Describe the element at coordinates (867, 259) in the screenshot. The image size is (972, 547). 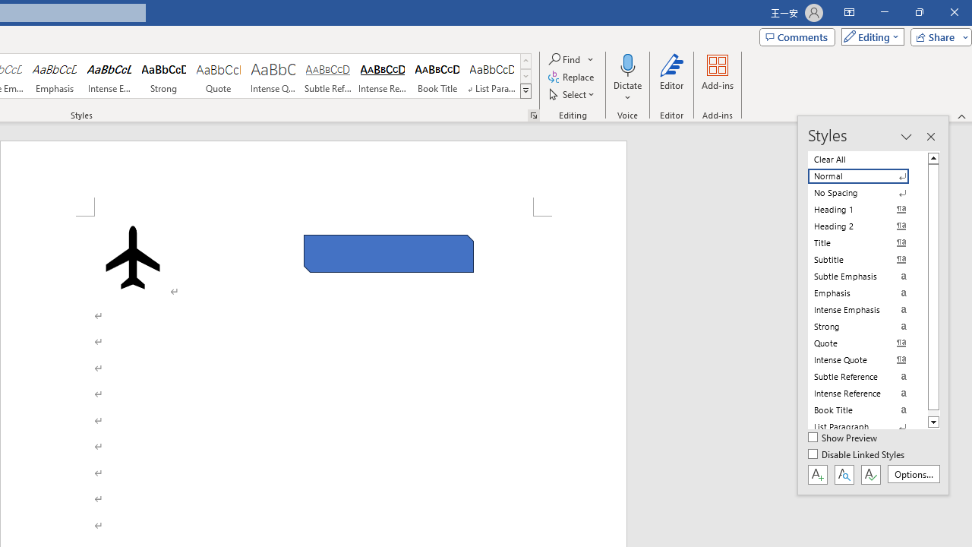
I see `'Subtitle'` at that location.